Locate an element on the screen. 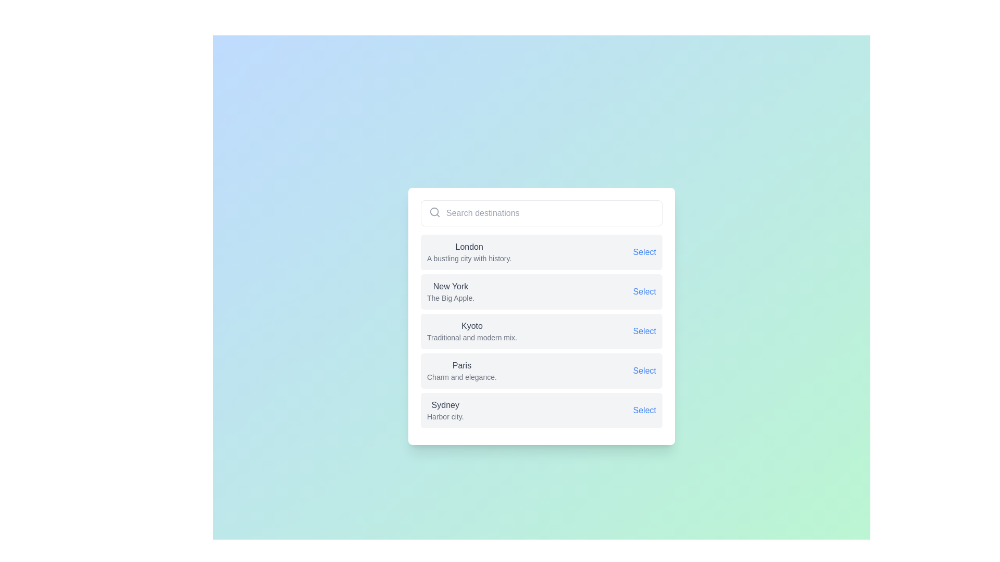  descriptive text composite displaying 'Paris' with the description 'Charm and elegance.' which is part of a list item between 'Kyoto' and 'Sydney' is located at coordinates (461, 371).